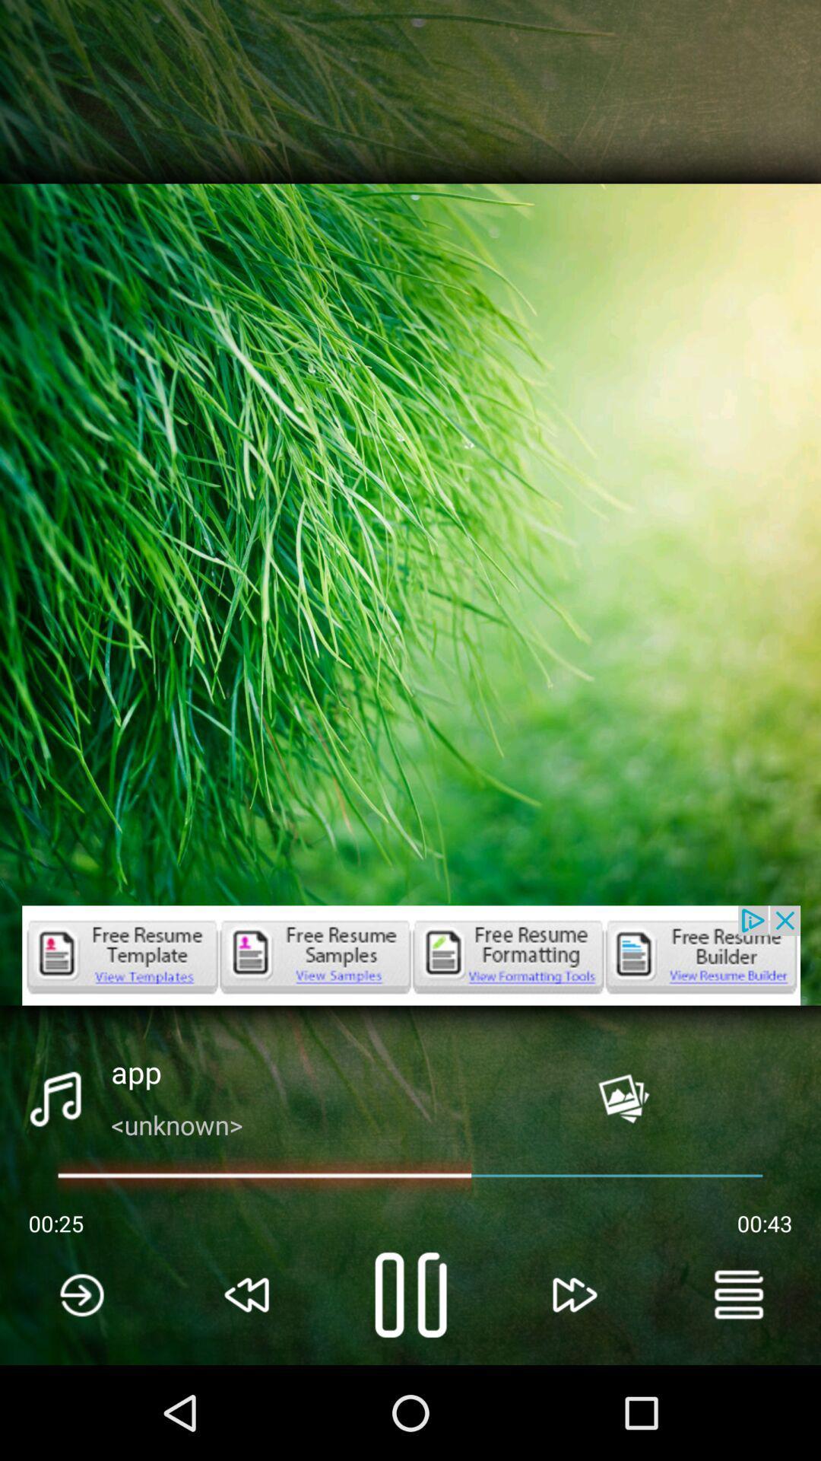 The image size is (821, 1461). Describe the element at coordinates (738, 1294) in the screenshot. I see `the menu icon` at that location.